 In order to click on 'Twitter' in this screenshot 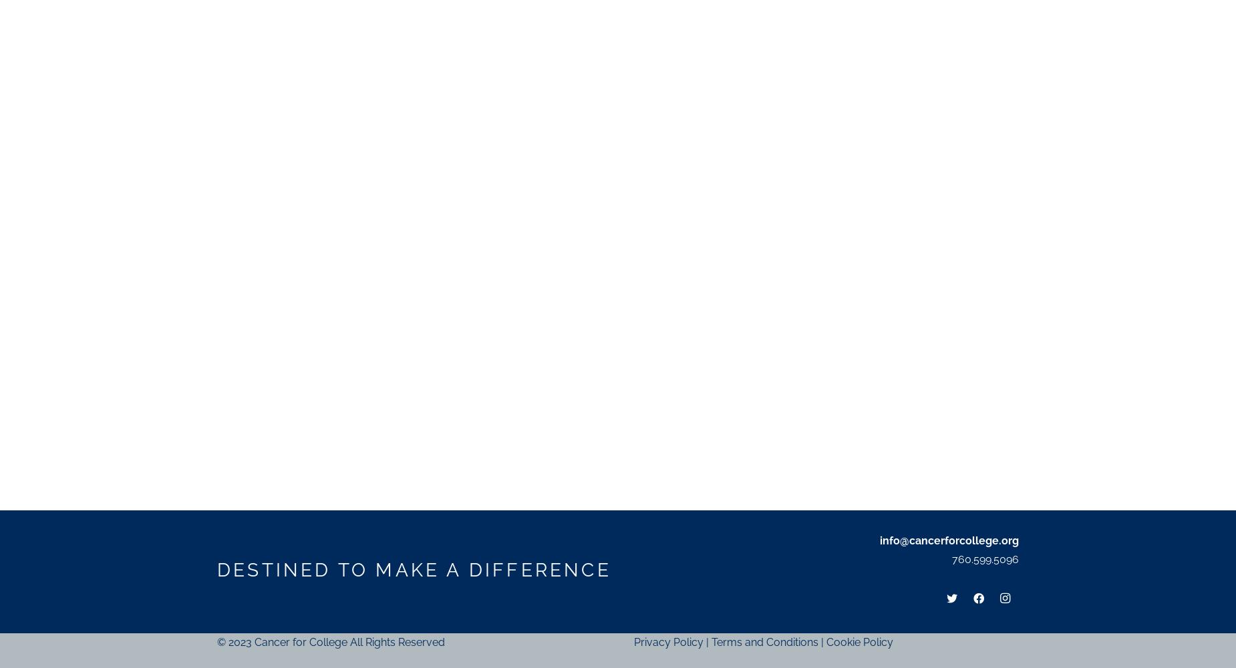, I will do `click(951, 556)`.